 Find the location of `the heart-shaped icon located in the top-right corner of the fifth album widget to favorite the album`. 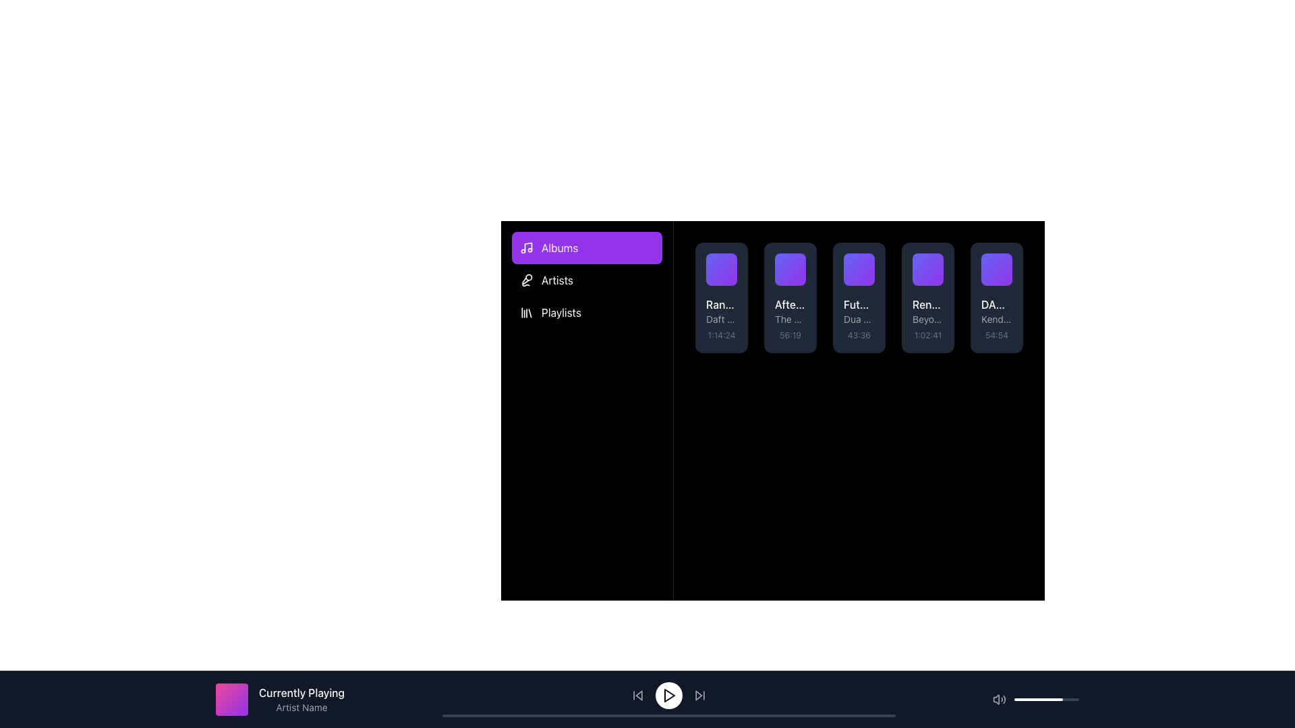

the heart-shaped icon located in the top-right corner of the fifth album widget to favorite the album is located at coordinates (1004, 262).